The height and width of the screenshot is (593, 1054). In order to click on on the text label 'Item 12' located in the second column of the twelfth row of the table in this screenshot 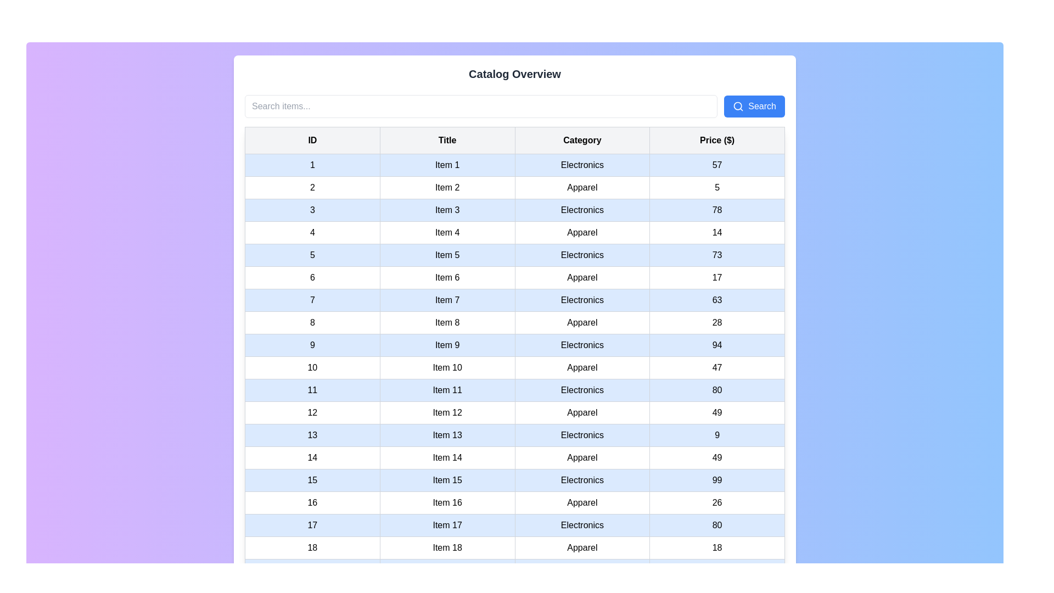, I will do `click(447, 413)`.